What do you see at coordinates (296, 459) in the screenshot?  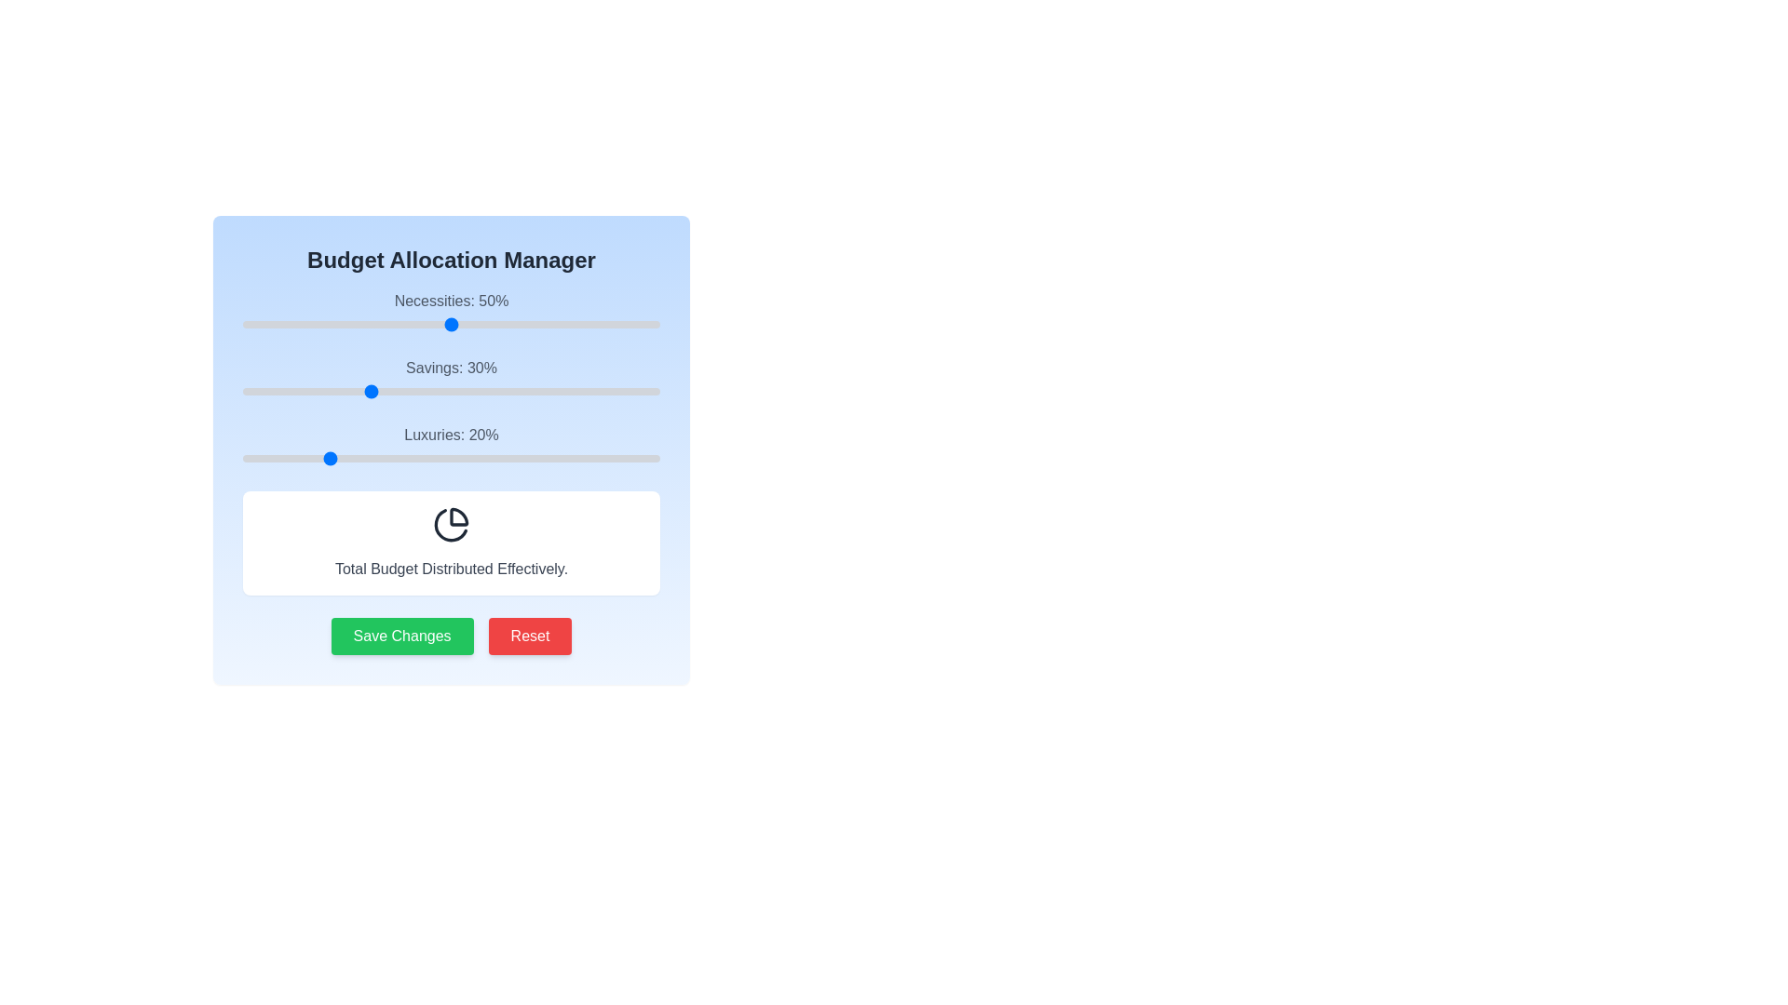 I see `the luxuries allocation` at bounding box center [296, 459].